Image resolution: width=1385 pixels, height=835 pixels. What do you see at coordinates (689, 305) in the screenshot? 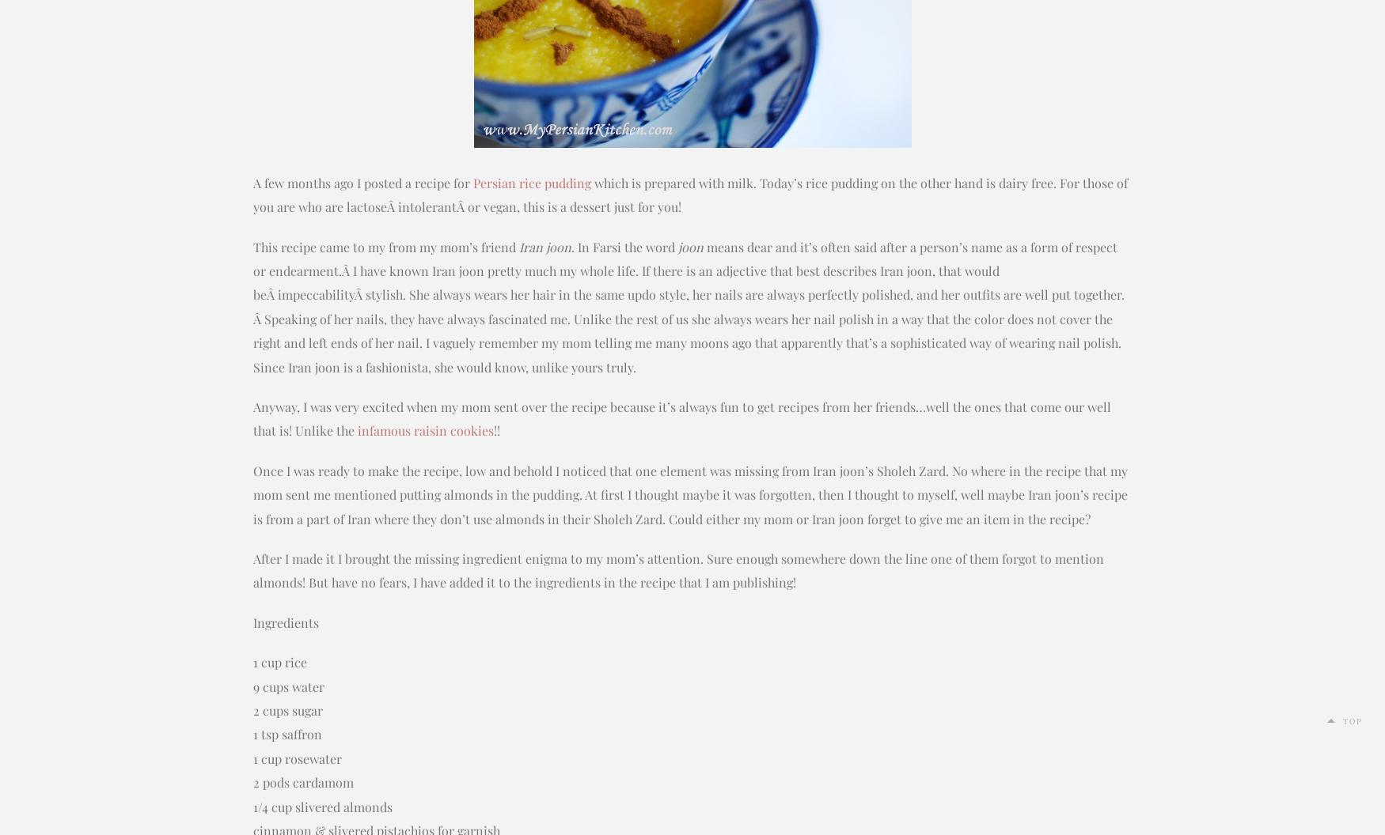
I see `'means dear and it’s often said after a person’s name as a form of respect or endearment.Â I have known Iran joon pretty much my whole life. If there is an adjective that best describes Iran joon, that would beÂ impeccabilityÂ stylish. She always wears her hair in the same updo style, her nails are always perfectly polished, and her outfits are well put together. Â Speaking of her nails, they have always fascinated me. Unlike the rest of us she always wears her nail polish in a way that the color does not cover the right and left ends of her nail. I vaguely remember my mom telling me many moons ago that apparently that’s a sophisticated way of wearing nail polish. Since Iran joon is a fashionista, she would know, unlike yours truly.'` at bounding box center [689, 305].